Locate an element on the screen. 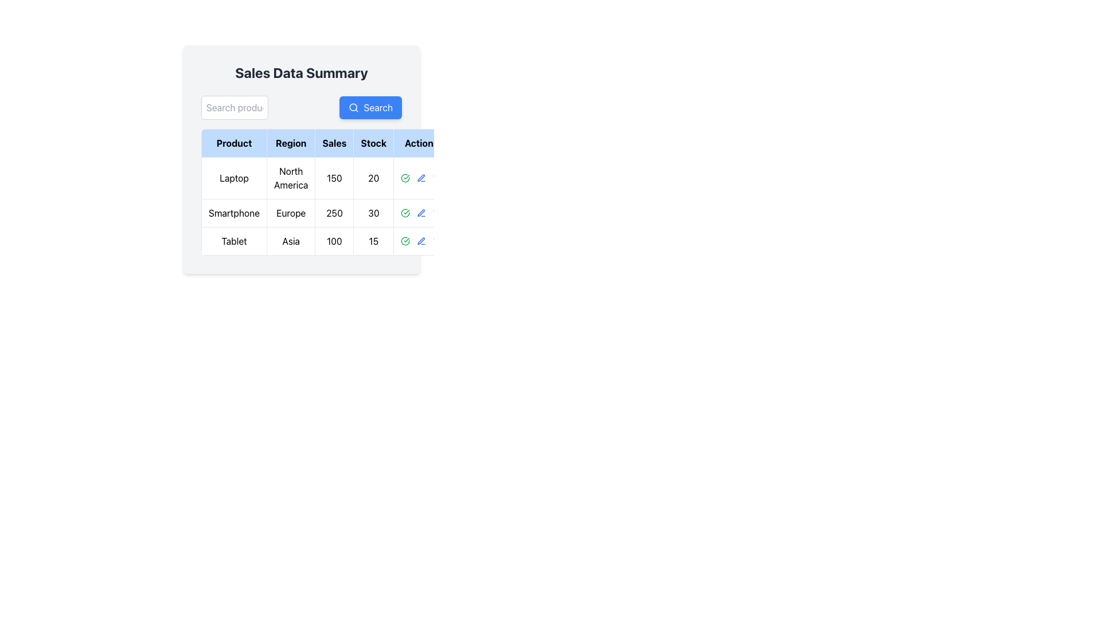 The height and width of the screenshot is (619, 1101). the table cell containing the text 'Tablet', which is the first cell in the third row under the 'Product' column is located at coordinates (233, 240).